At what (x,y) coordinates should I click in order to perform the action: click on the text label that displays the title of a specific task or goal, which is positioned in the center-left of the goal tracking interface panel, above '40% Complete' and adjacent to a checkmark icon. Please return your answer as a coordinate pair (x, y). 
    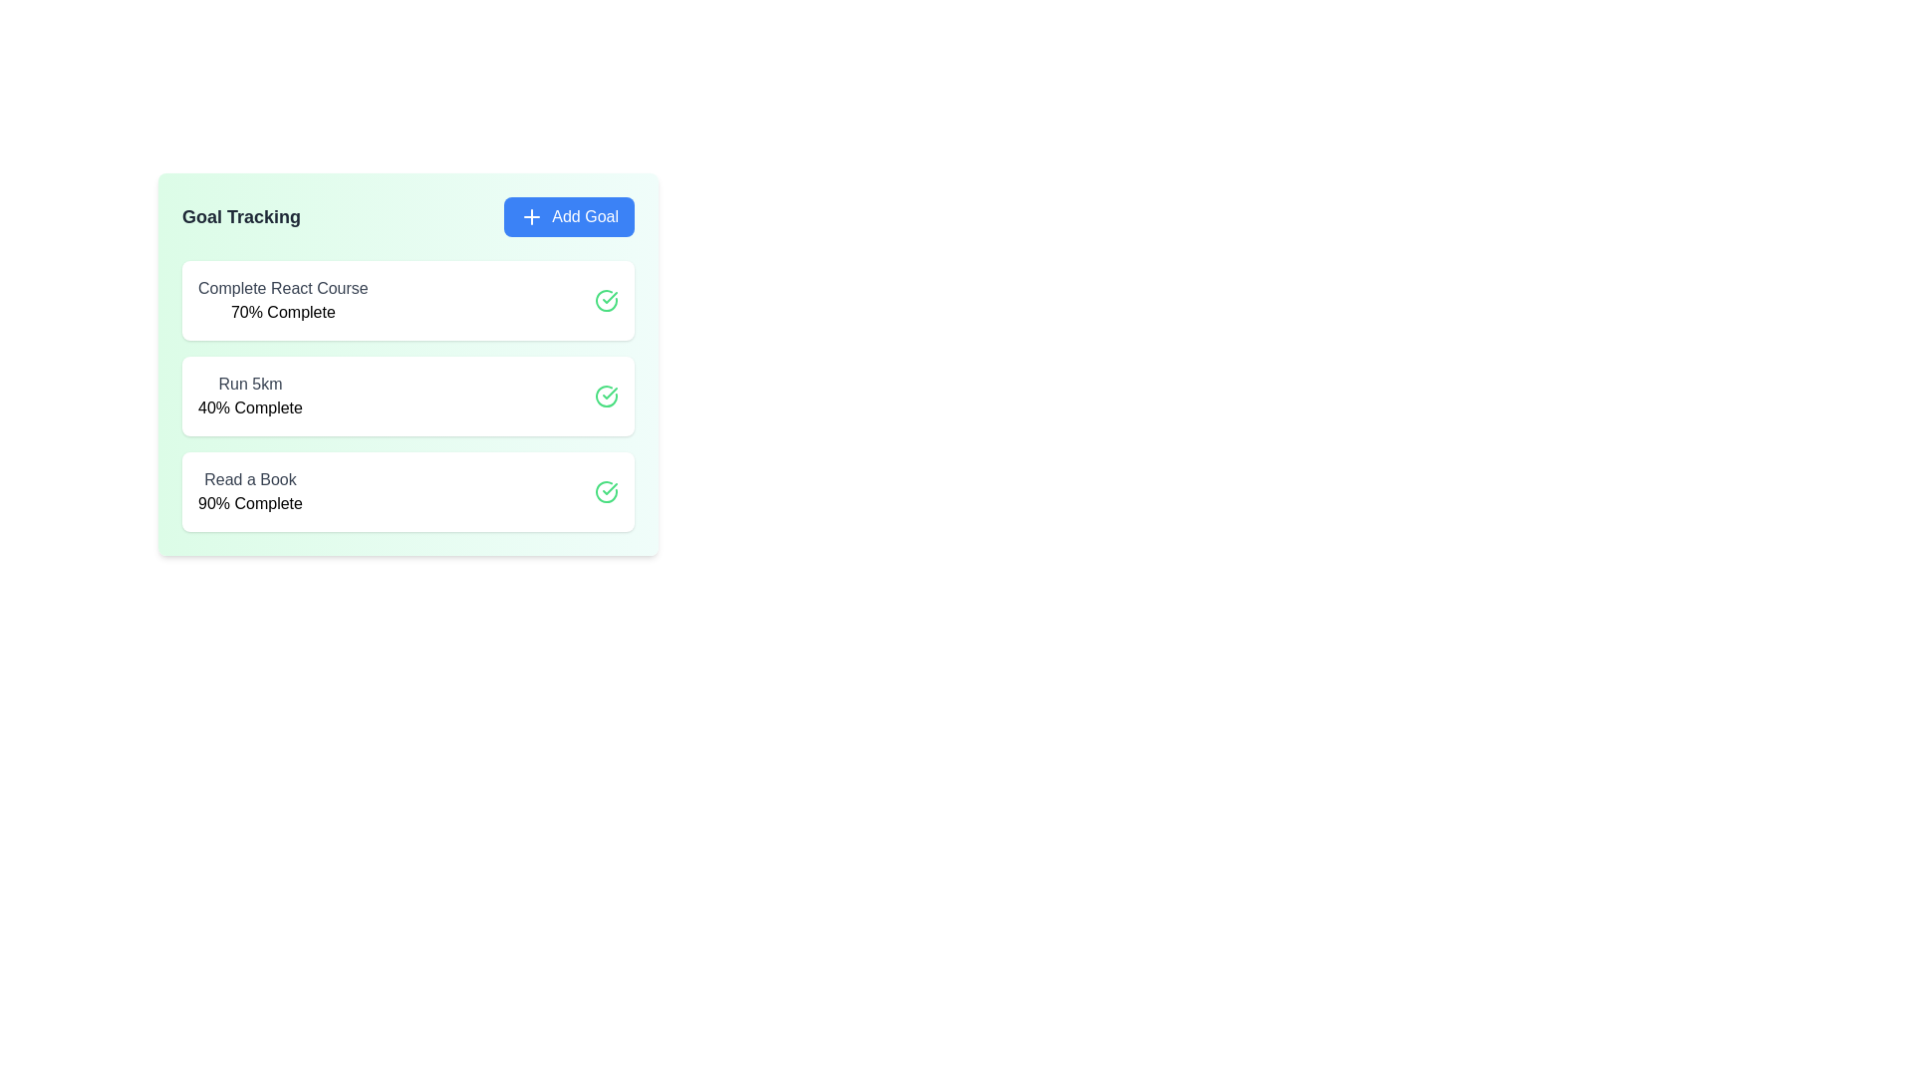
    Looking at the image, I should click on (249, 384).